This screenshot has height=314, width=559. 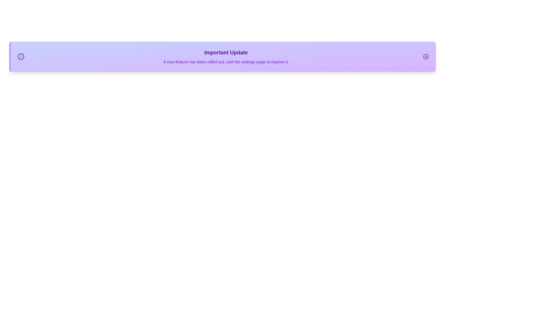 I want to click on close button at the top-right corner of the notification to dismiss it, so click(x=426, y=57).